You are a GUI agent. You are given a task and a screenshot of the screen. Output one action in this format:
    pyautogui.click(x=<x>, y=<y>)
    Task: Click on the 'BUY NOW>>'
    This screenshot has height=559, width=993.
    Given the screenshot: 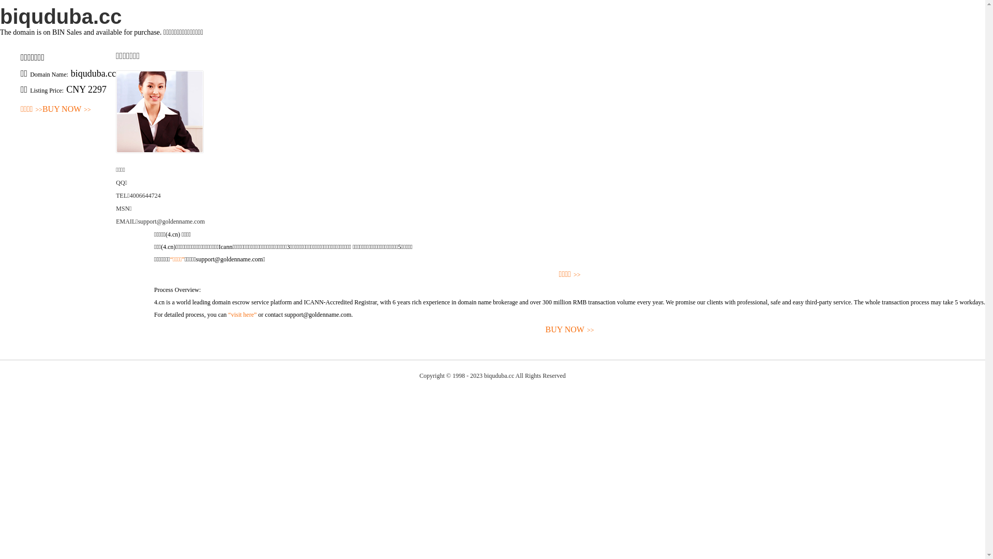 What is the action you would take?
    pyautogui.click(x=569, y=330)
    